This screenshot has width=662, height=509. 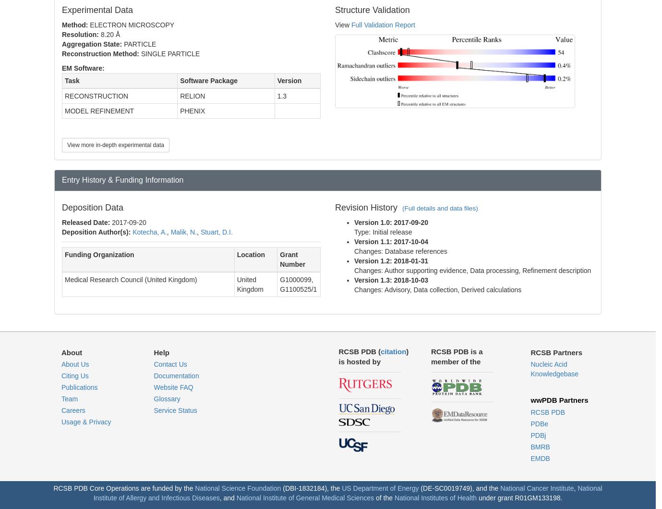 I want to click on 'Entry History & Funding Information', so click(x=61, y=179).